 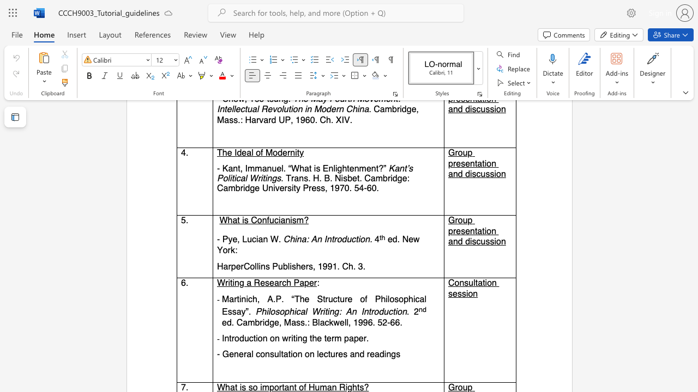 I want to click on the 3th character "a" in the text, so click(x=238, y=312).